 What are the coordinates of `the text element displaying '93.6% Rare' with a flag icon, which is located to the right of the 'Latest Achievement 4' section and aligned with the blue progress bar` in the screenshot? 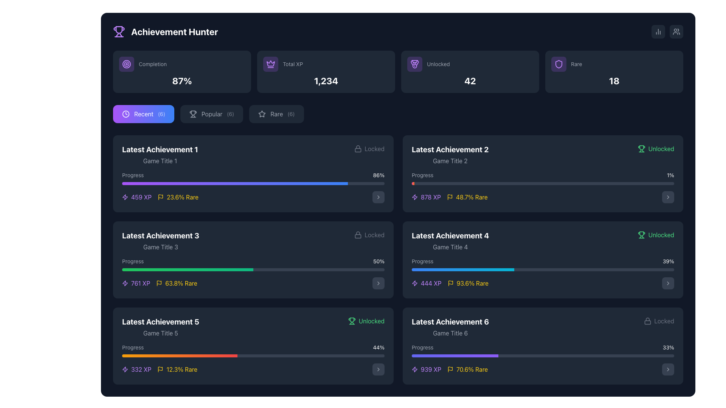 It's located at (467, 283).